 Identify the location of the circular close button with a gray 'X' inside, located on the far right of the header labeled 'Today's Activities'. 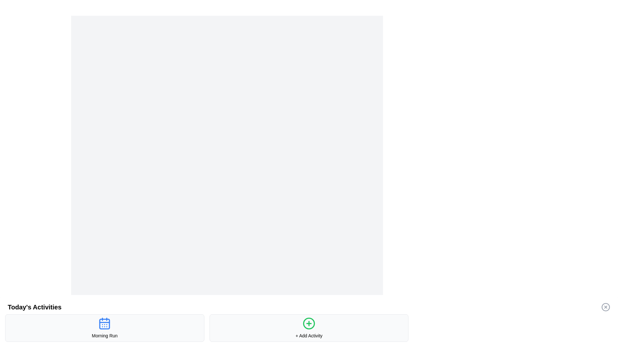
(605, 307).